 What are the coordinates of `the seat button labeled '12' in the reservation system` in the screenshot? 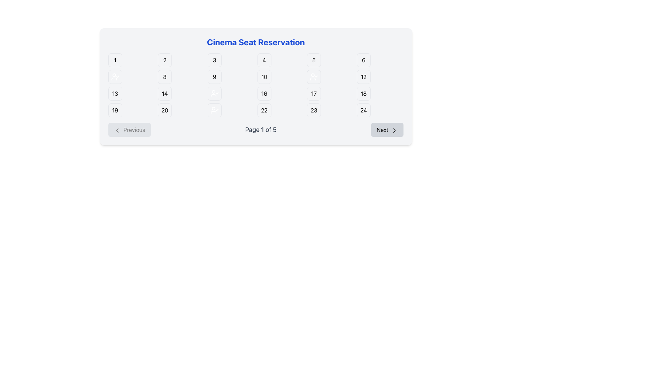 It's located at (363, 77).